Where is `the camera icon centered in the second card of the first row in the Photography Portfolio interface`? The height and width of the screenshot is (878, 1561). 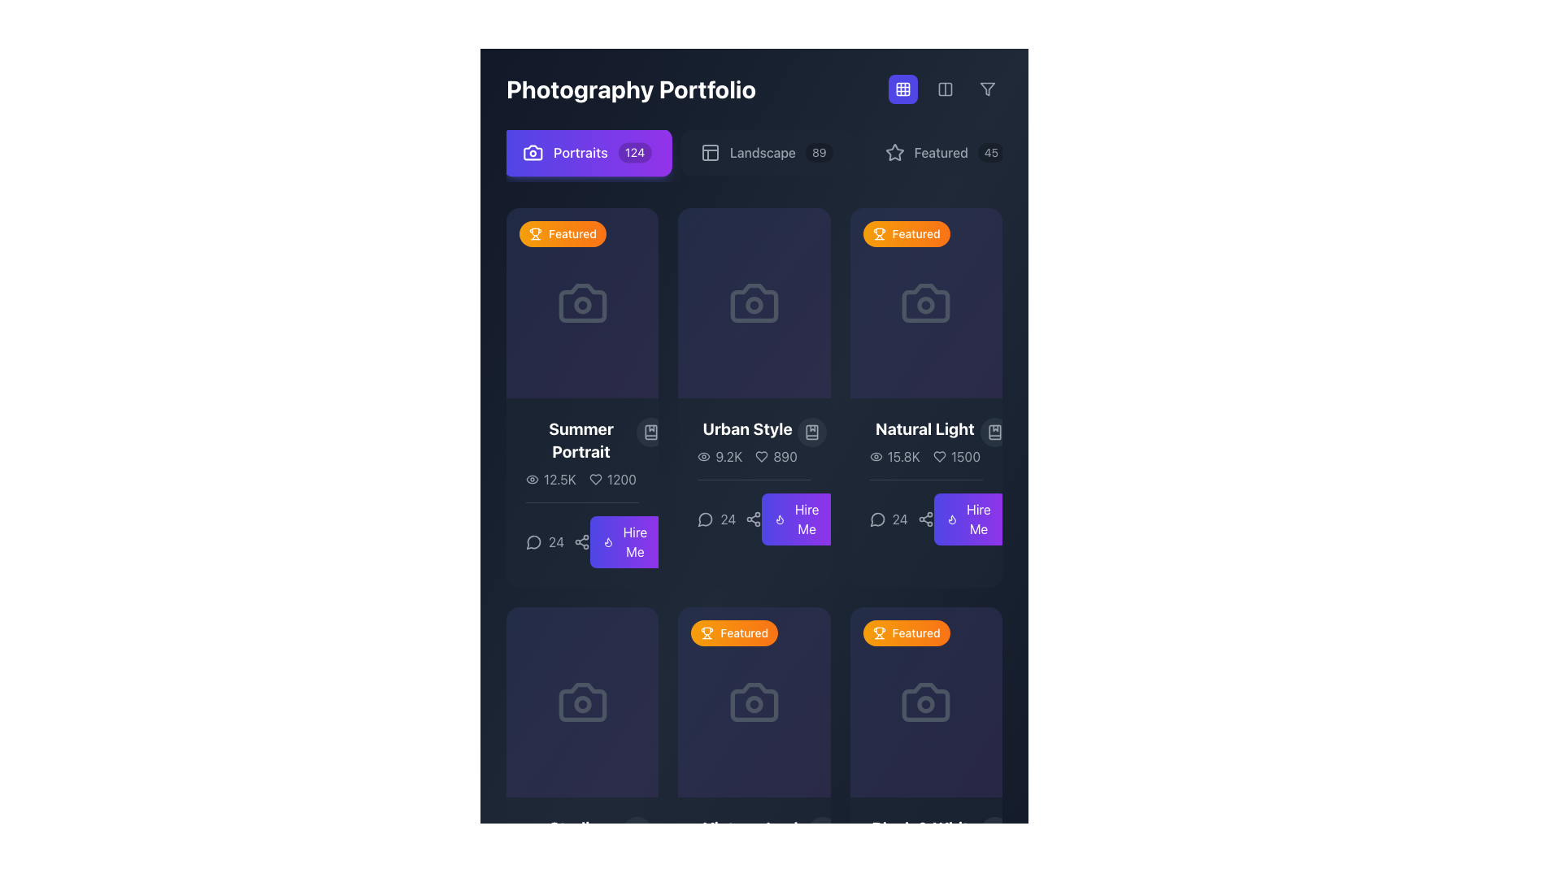
the camera icon centered in the second card of the first row in the Photography Portfolio interface is located at coordinates (753, 303).